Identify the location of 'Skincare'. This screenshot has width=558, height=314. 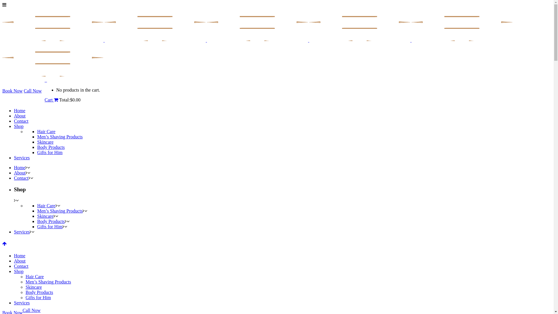
(45, 216).